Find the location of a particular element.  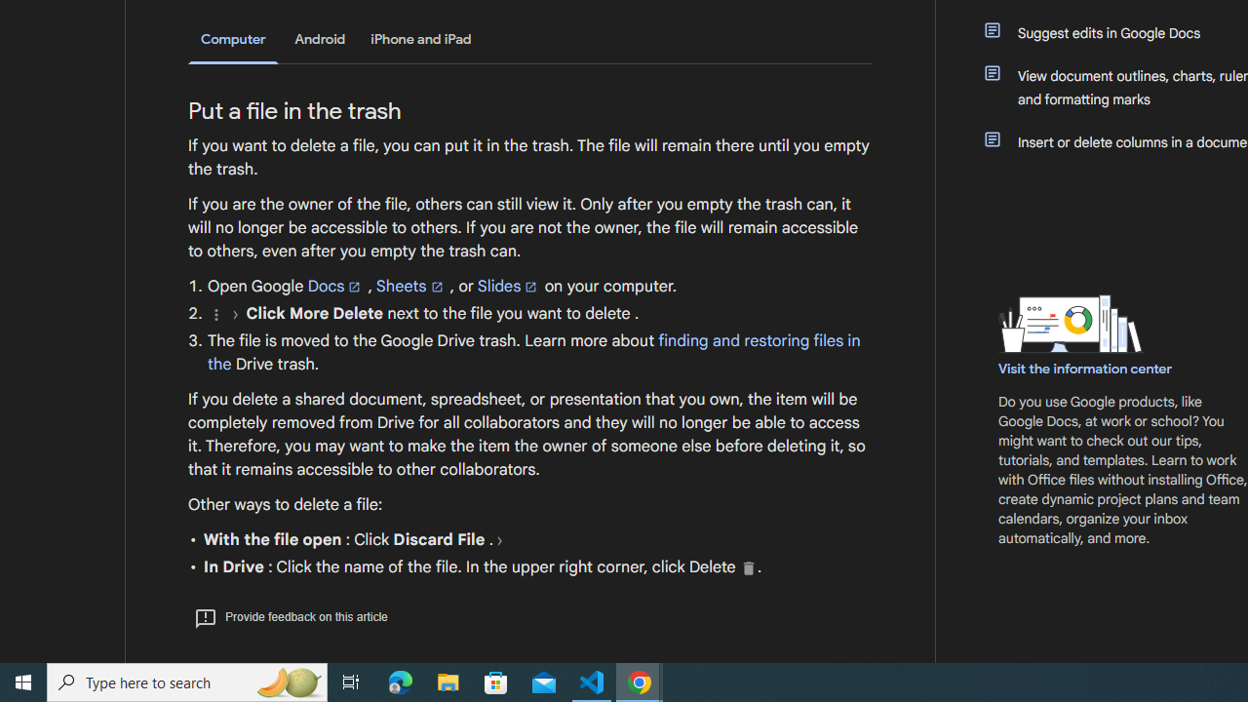

'Docs' is located at coordinates (335, 286).